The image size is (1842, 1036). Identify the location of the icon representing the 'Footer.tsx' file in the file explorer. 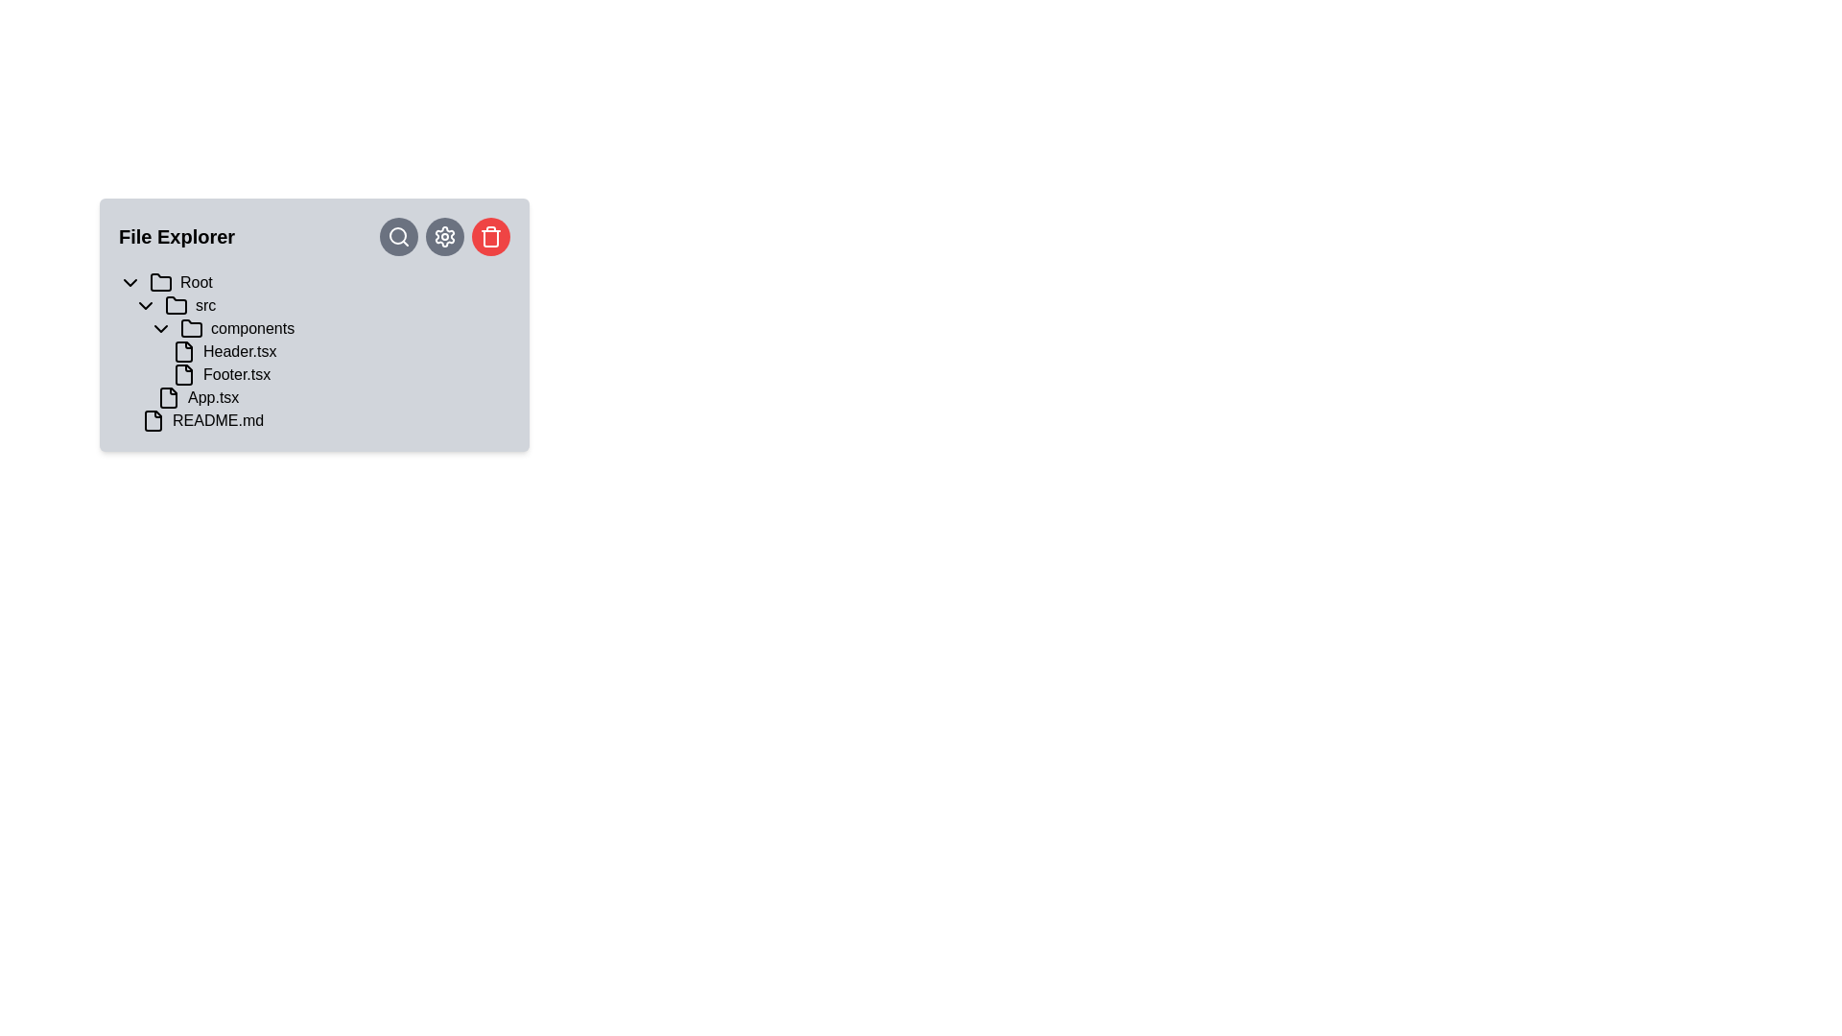
(184, 374).